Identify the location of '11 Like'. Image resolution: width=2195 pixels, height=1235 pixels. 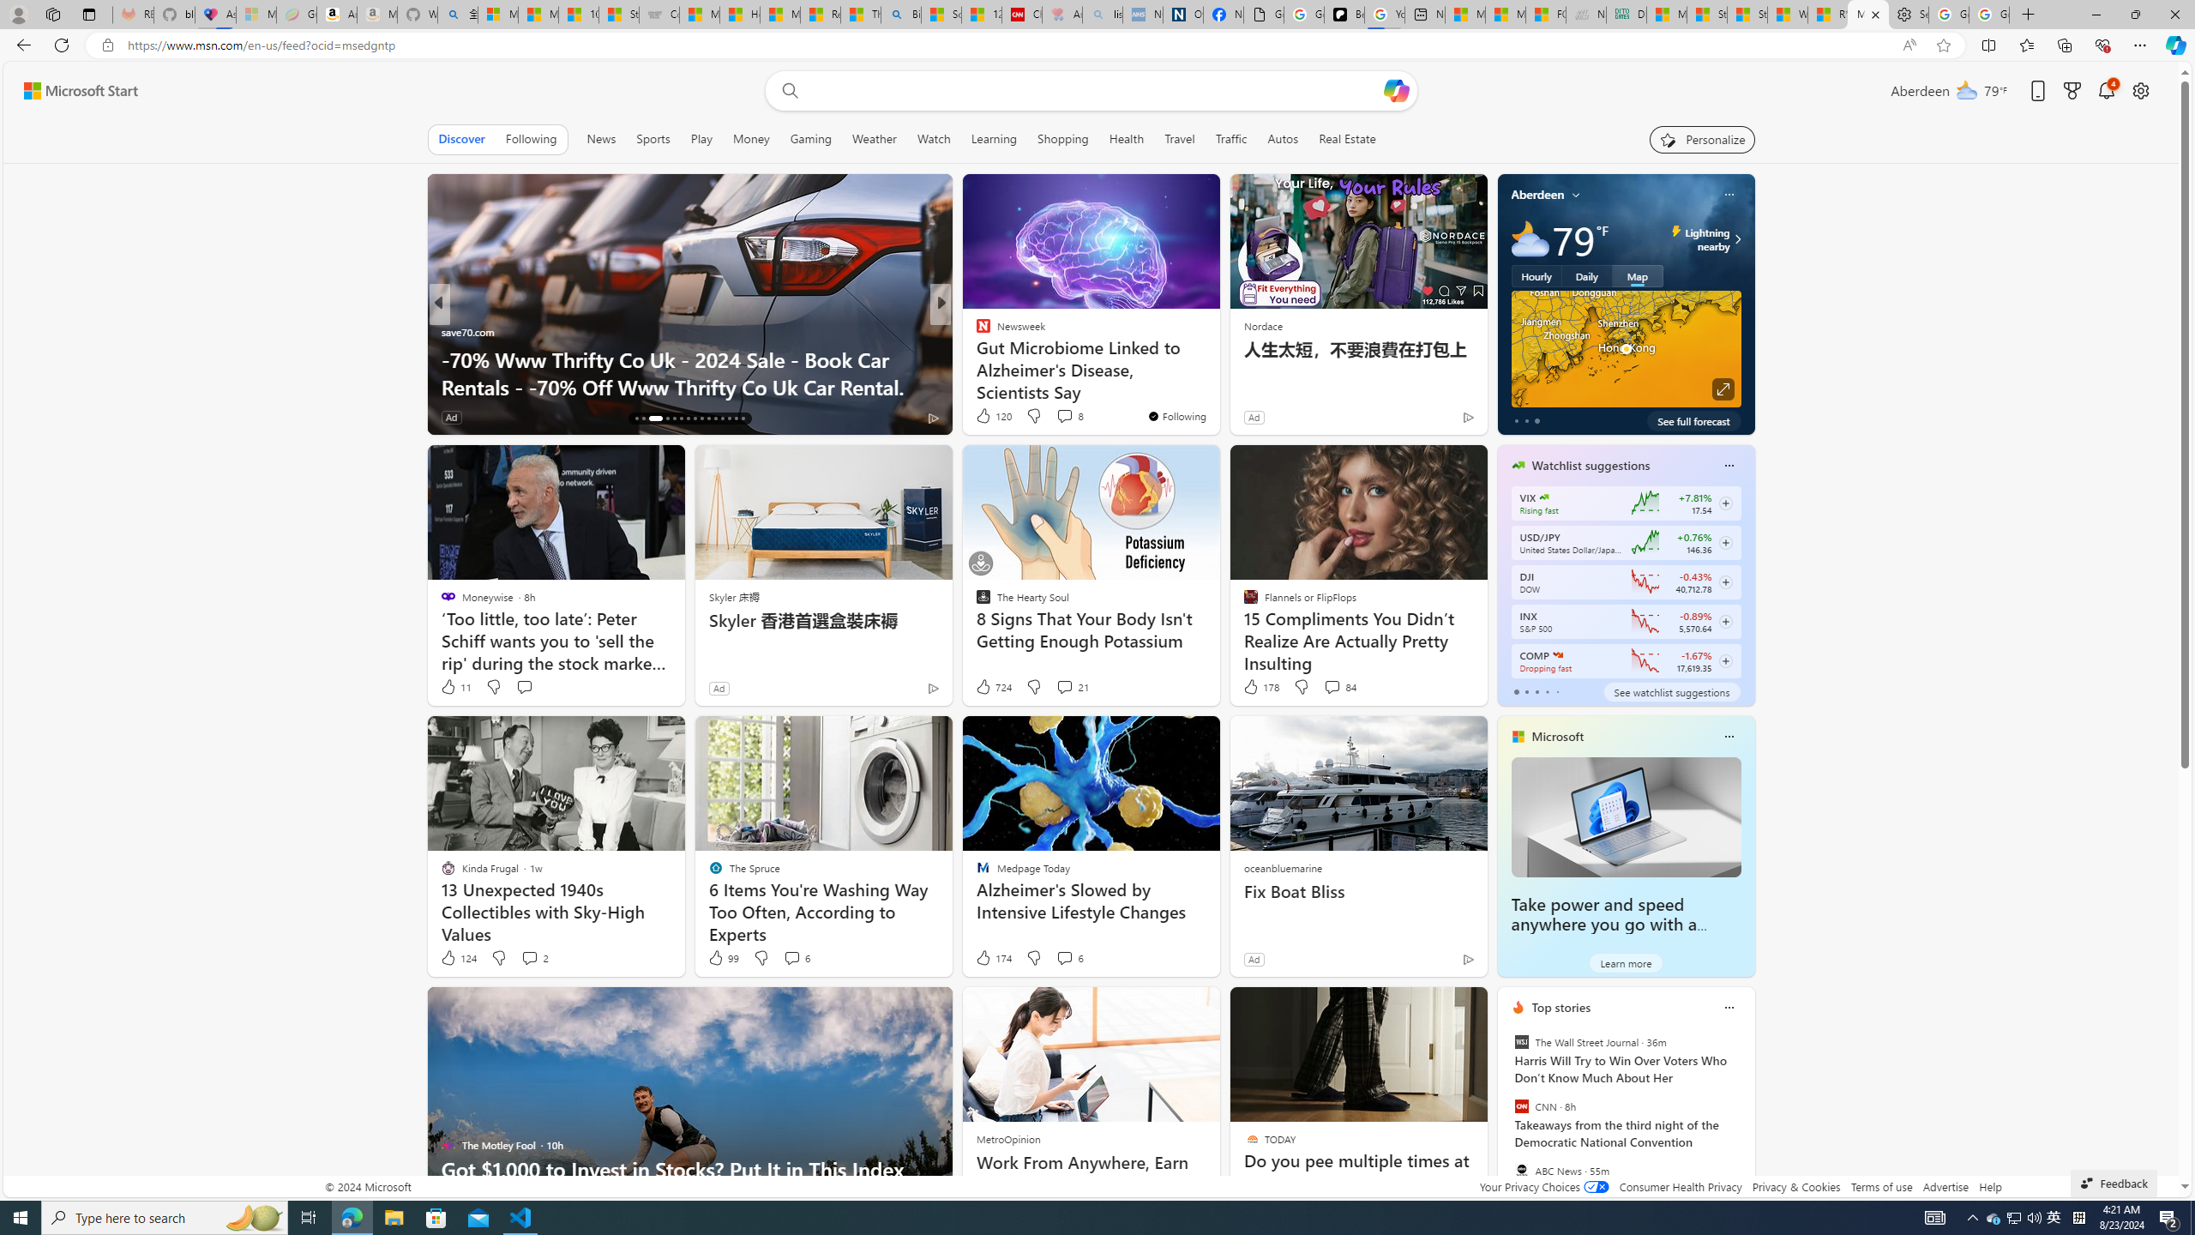
(454, 686).